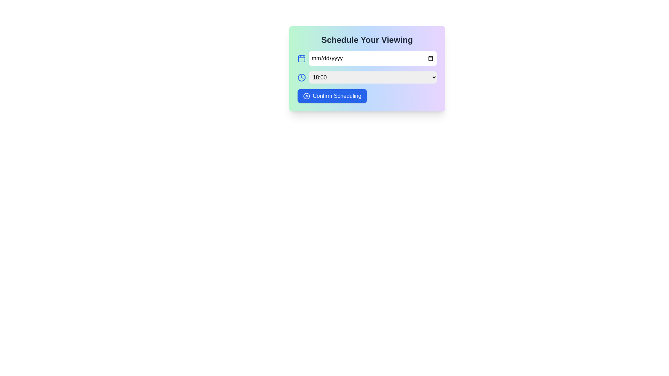 The image size is (669, 376). I want to click on the 'Confirm Scheduling' button, which has a vibrant blue background and white text, so click(332, 96).